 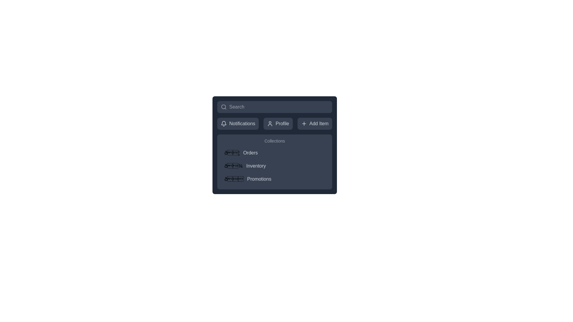 What do you see at coordinates (274, 141) in the screenshot?
I see `the Text Label that serves as a non-interactive title for the section above 'Orders', 'Inventory', and 'Promotions'` at bounding box center [274, 141].